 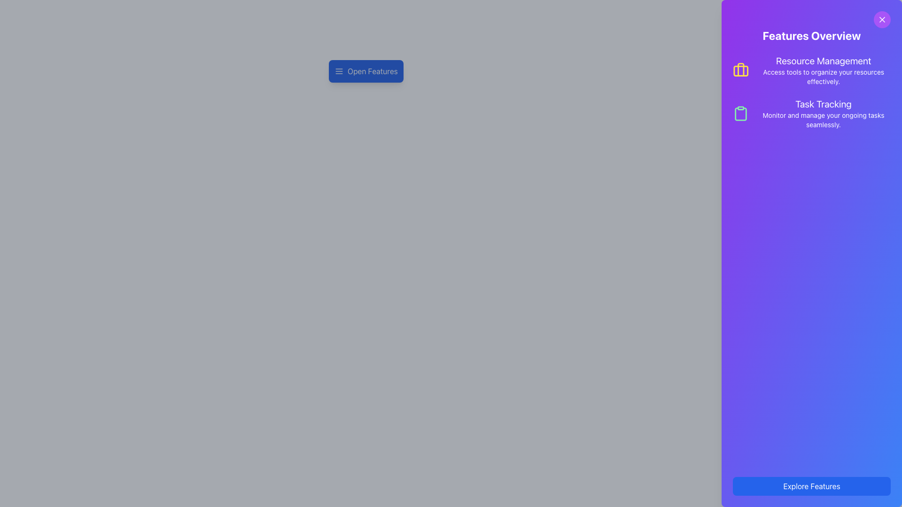 I want to click on the clipboard icon located on the right-hand panel, below the 'Resource Management' icon in the 'Features Overview' section to interact with it, so click(x=740, y=114).